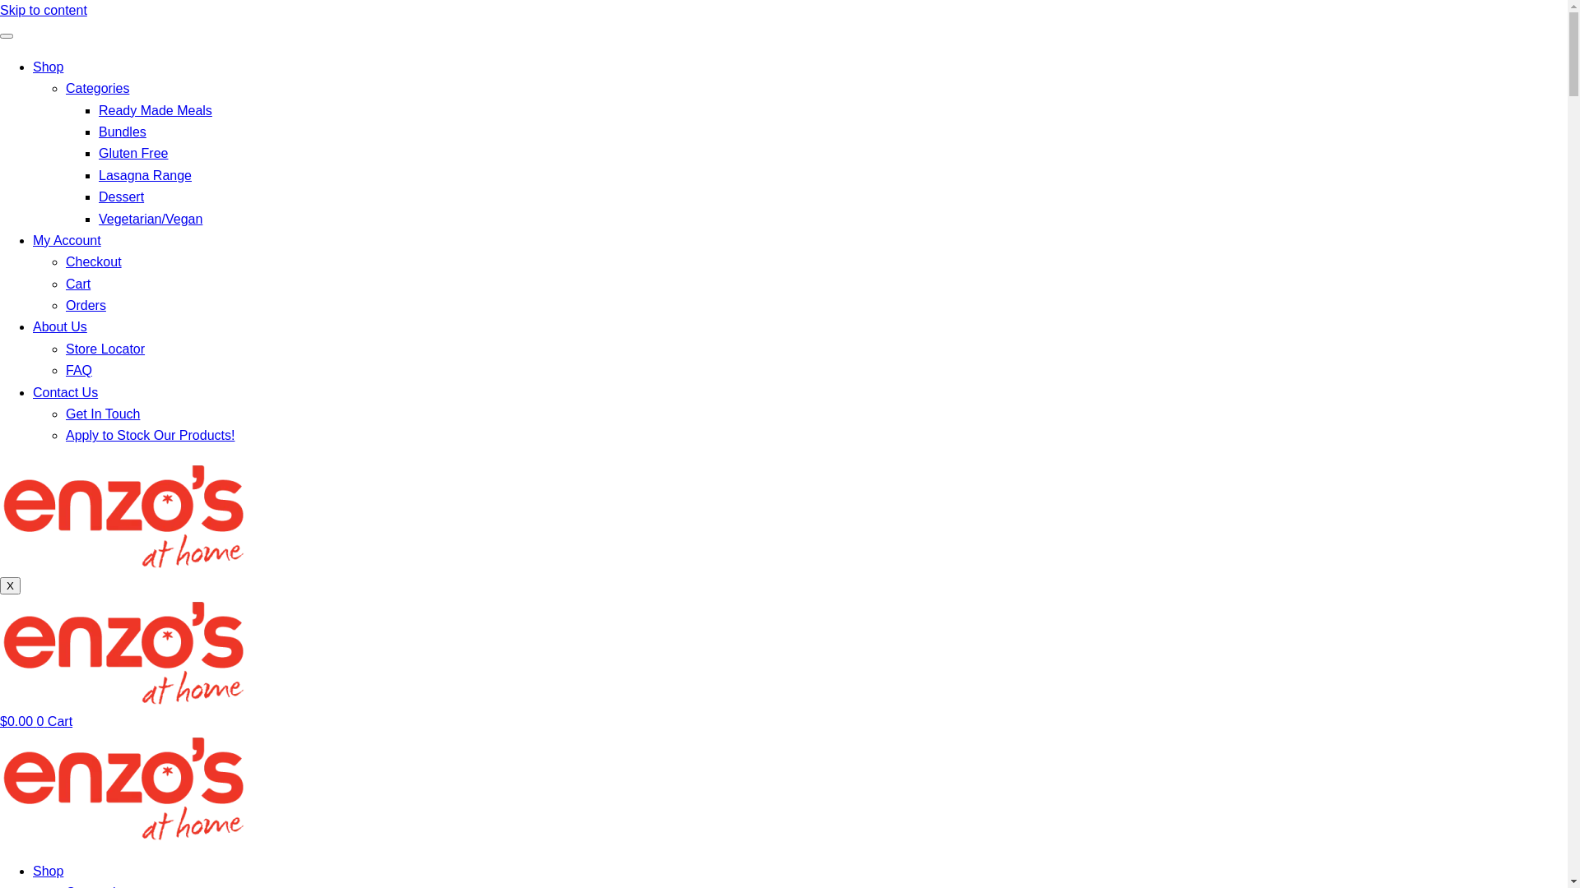  What do you see at coordinates (105, 348) in the screenshot?
I see `'Store Locator'` at bounding box center [105, 348].